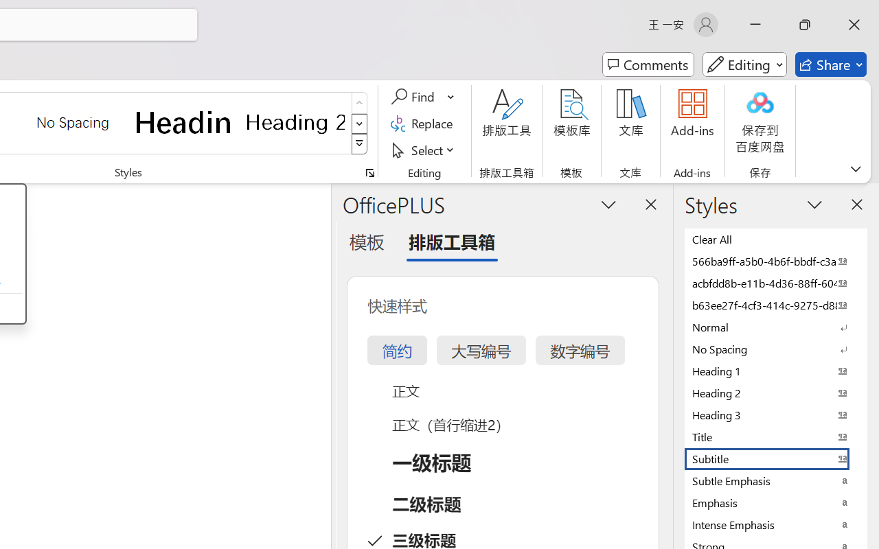 The image size is (879, 549). What do you see at coordinates (776, 436) in the screenshot?
I see `'Title'` at bounding box center [776, 436].